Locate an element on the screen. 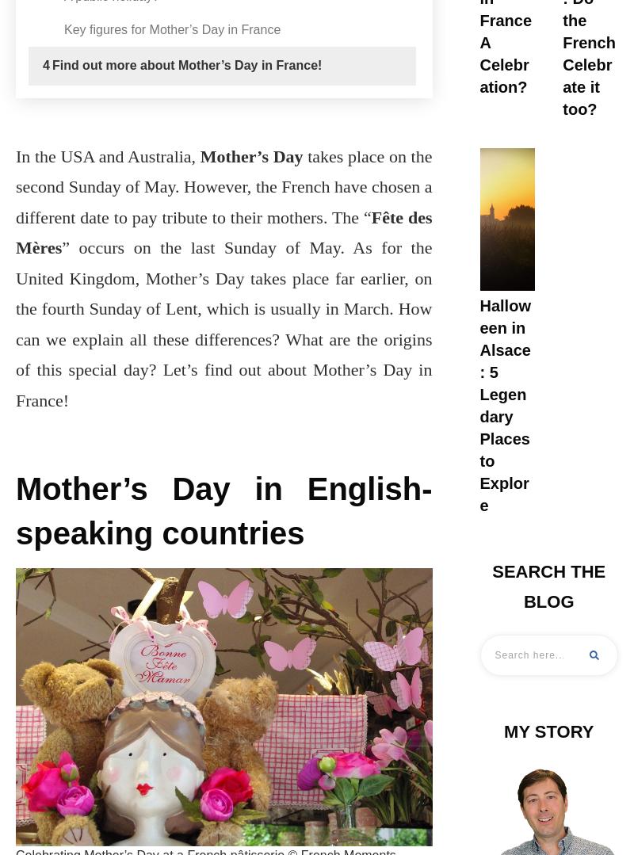 Image resolution: width=634 pixels, height=855 pixels. 'MY STORY' is located at coordinates (548, 731).